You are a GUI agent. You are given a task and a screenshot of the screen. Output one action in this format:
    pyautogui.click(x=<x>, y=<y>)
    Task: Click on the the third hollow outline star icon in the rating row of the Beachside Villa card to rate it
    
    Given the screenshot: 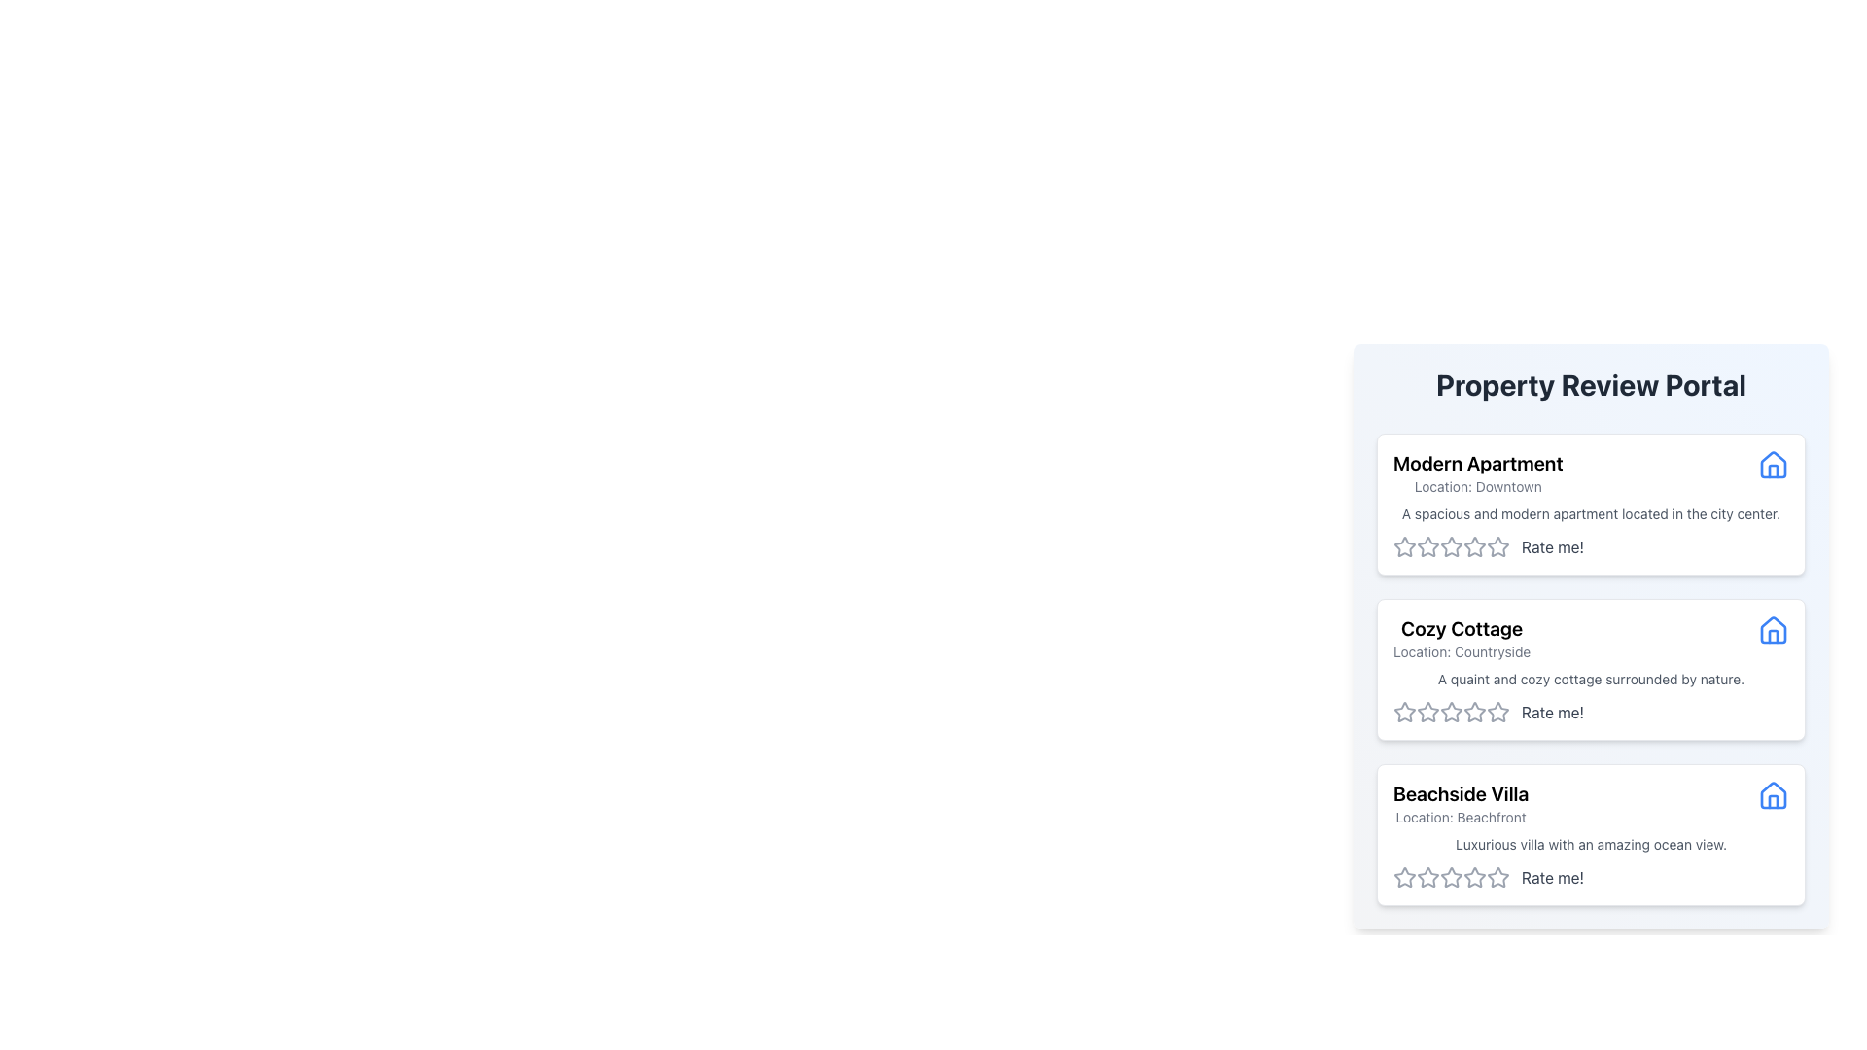 What is the action you would take?
    pyautogui.click(x=1497, y=877)
    